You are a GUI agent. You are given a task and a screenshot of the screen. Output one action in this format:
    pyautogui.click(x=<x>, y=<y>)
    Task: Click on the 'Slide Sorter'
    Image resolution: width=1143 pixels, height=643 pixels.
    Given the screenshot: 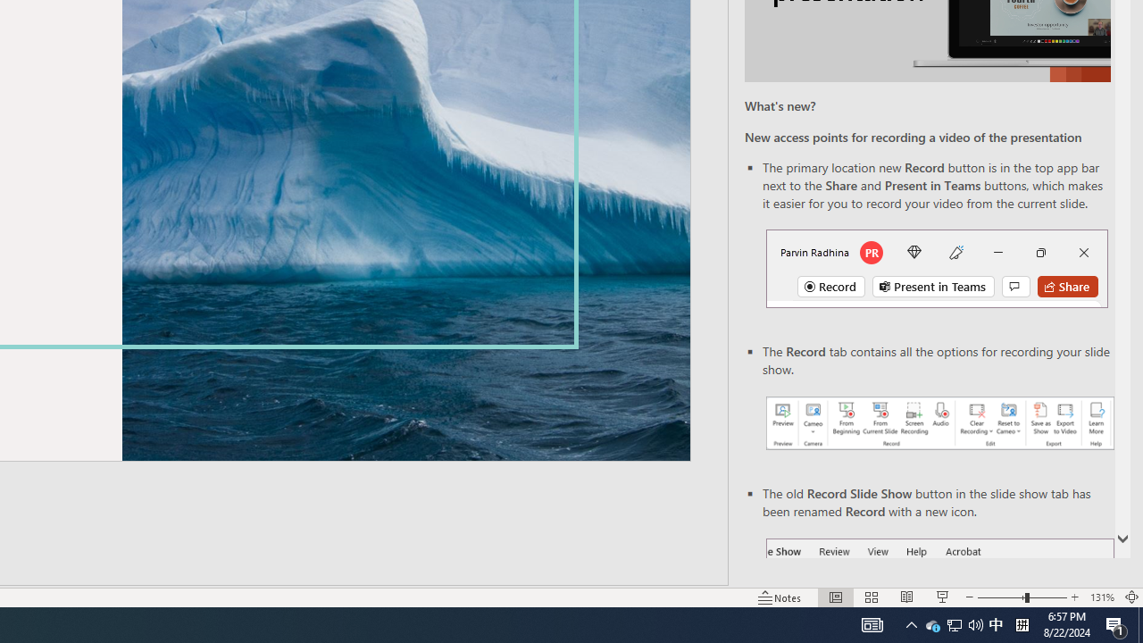 What is the action you would take?
    pyautogui.click(x=872, y=597)
    